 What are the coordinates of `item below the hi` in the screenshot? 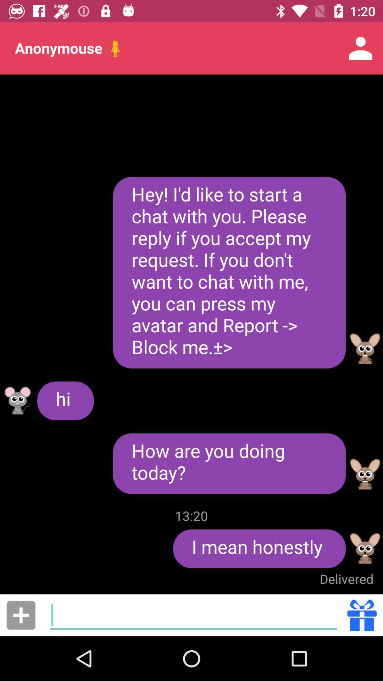 It's located at (21, 615).